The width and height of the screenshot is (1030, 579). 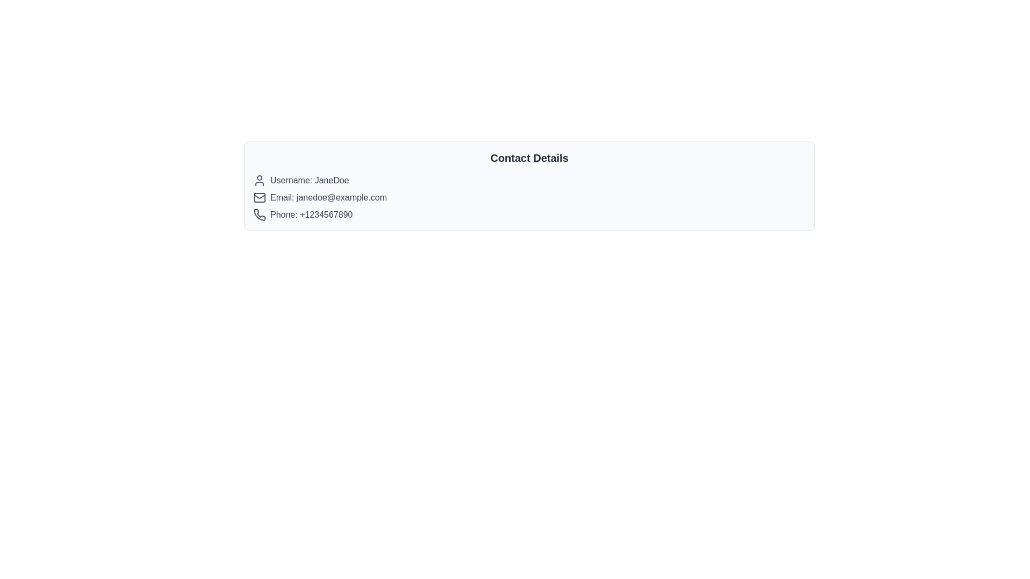 I want to click on the phone contact icon, which is the third icon in the list of contact information, positioned to the left of the 'Phone: +1234567890' label within the 'Contact Details' section, so click(x=260, y=215).